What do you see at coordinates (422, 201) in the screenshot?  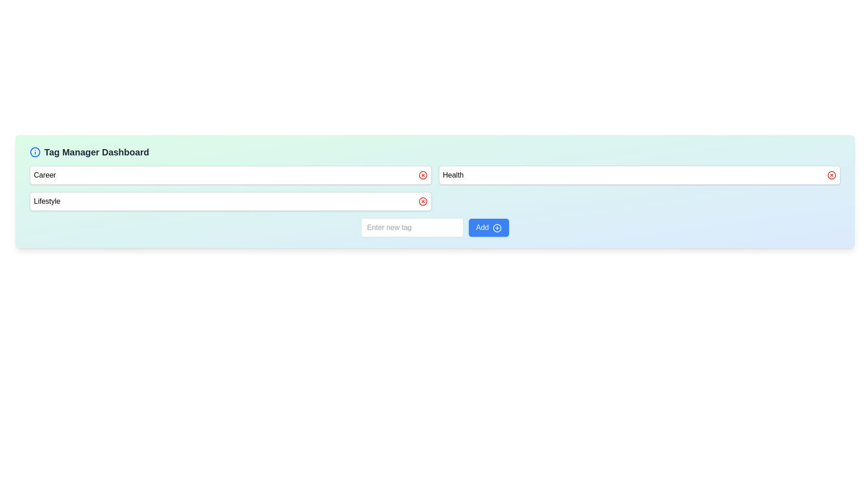 I see `the circular red outlined button with a red 'X' symbol` at bounding box center [422, 201].